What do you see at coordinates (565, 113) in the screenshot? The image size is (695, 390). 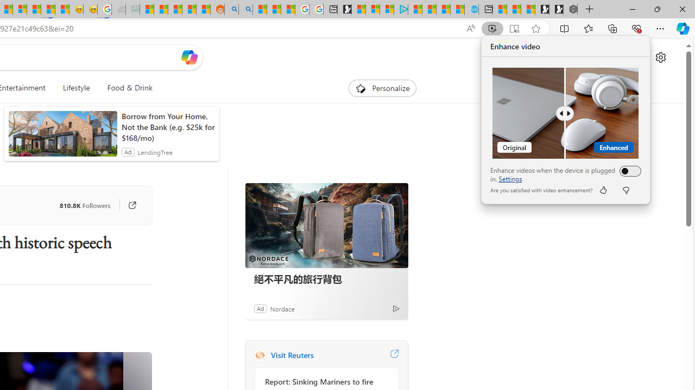 I see `'Comparision'` at bounding box center [565, 113].